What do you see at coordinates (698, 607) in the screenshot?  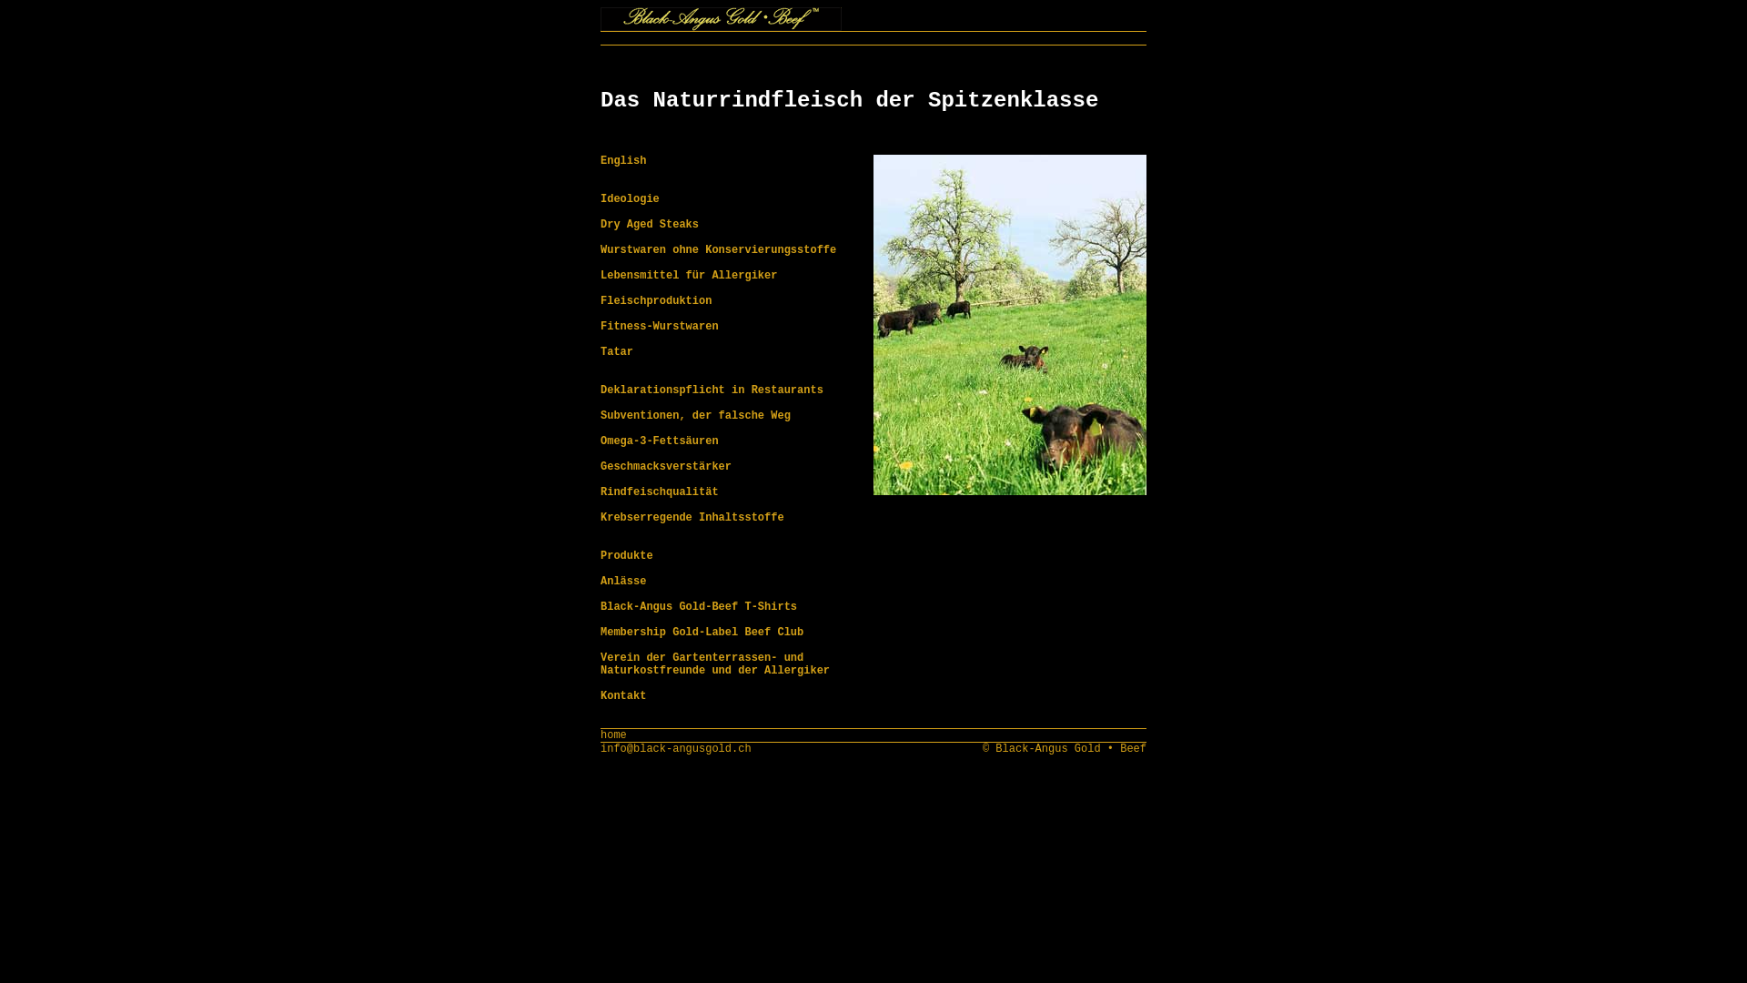 I see `'Black-Angus Gold-Beef T-Shirts'` at bounding box center [698, 607].